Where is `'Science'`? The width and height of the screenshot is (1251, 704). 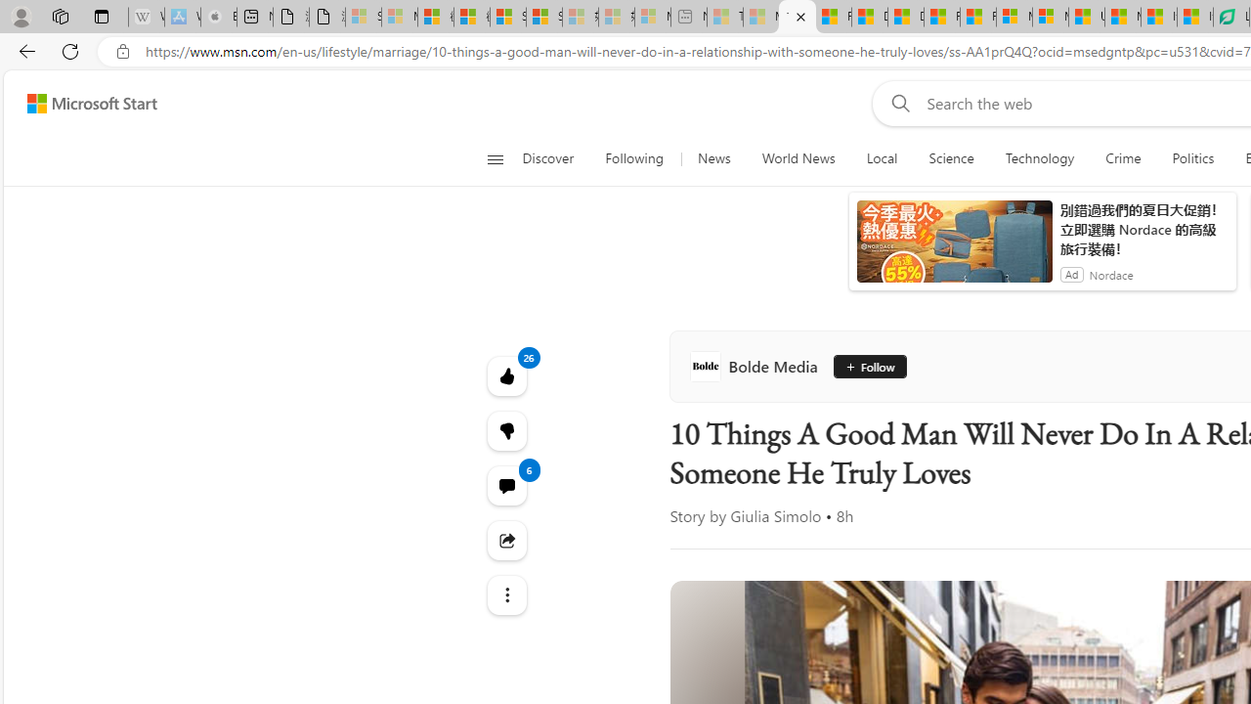 'Science' is located at coordinates (951, 158).